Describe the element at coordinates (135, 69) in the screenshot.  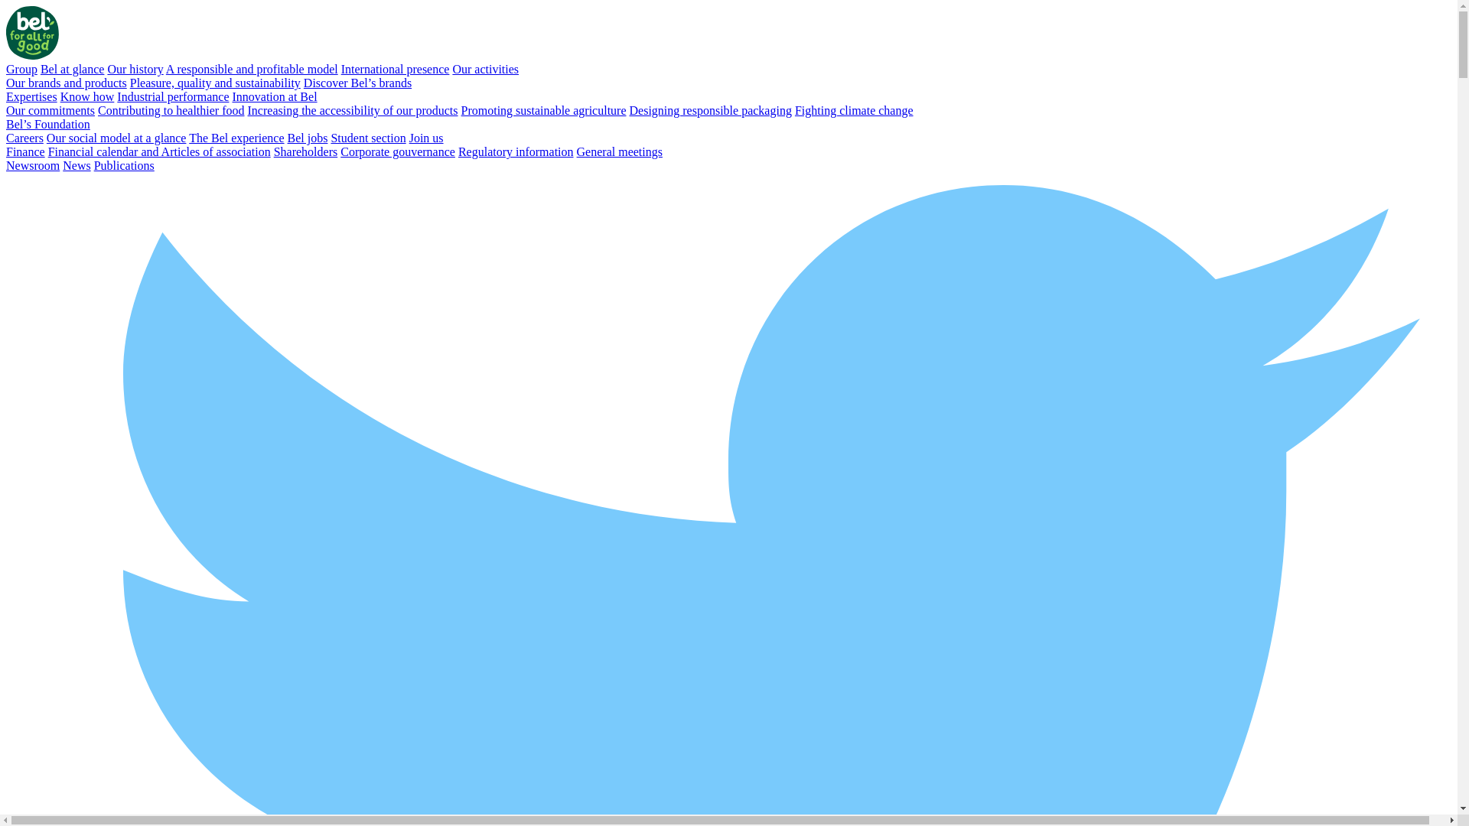
I see `'Our history'` at that location.